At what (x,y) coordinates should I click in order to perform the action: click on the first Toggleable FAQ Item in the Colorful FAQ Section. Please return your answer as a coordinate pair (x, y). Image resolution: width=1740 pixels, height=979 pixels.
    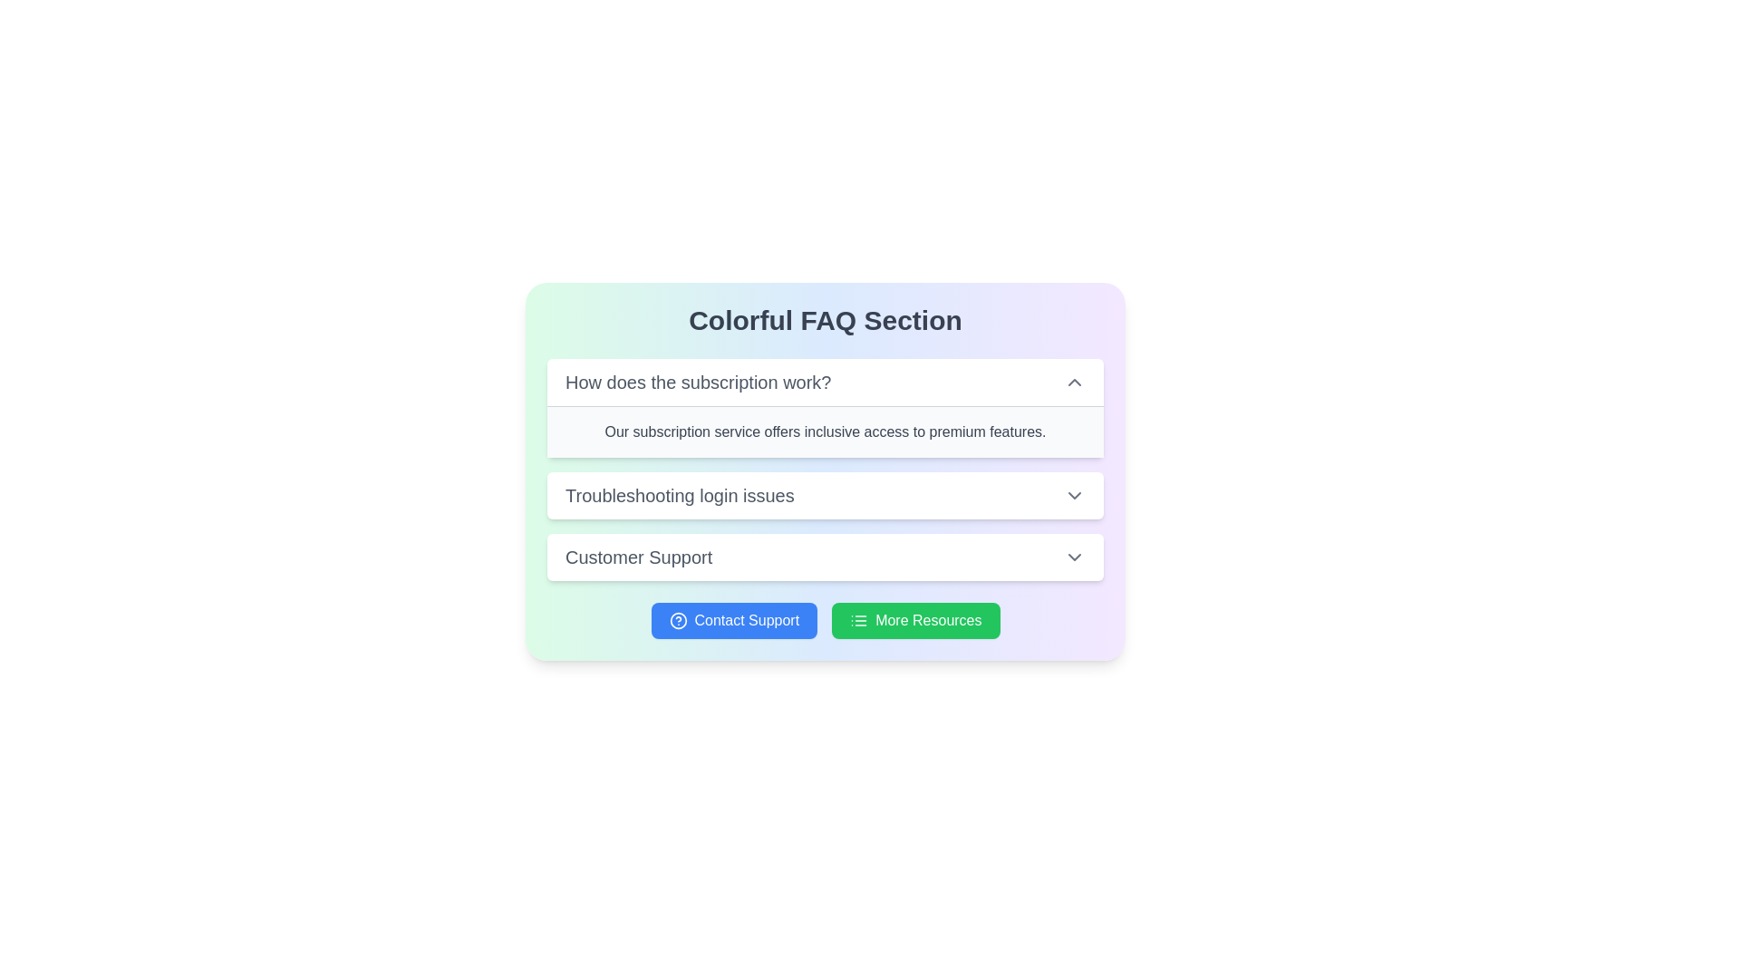
    Looking at the image, I should click on (825, 381).